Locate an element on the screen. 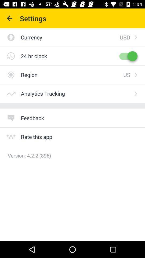 Image resolution: width=145 pixels, height=258 pixels. the icon which is left side of the region is located at coordinates (11, 74).